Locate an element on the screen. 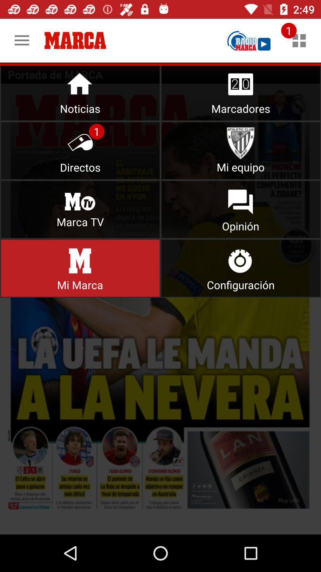 The image size is (321, 572). directors is located at coordinates (80, 150).